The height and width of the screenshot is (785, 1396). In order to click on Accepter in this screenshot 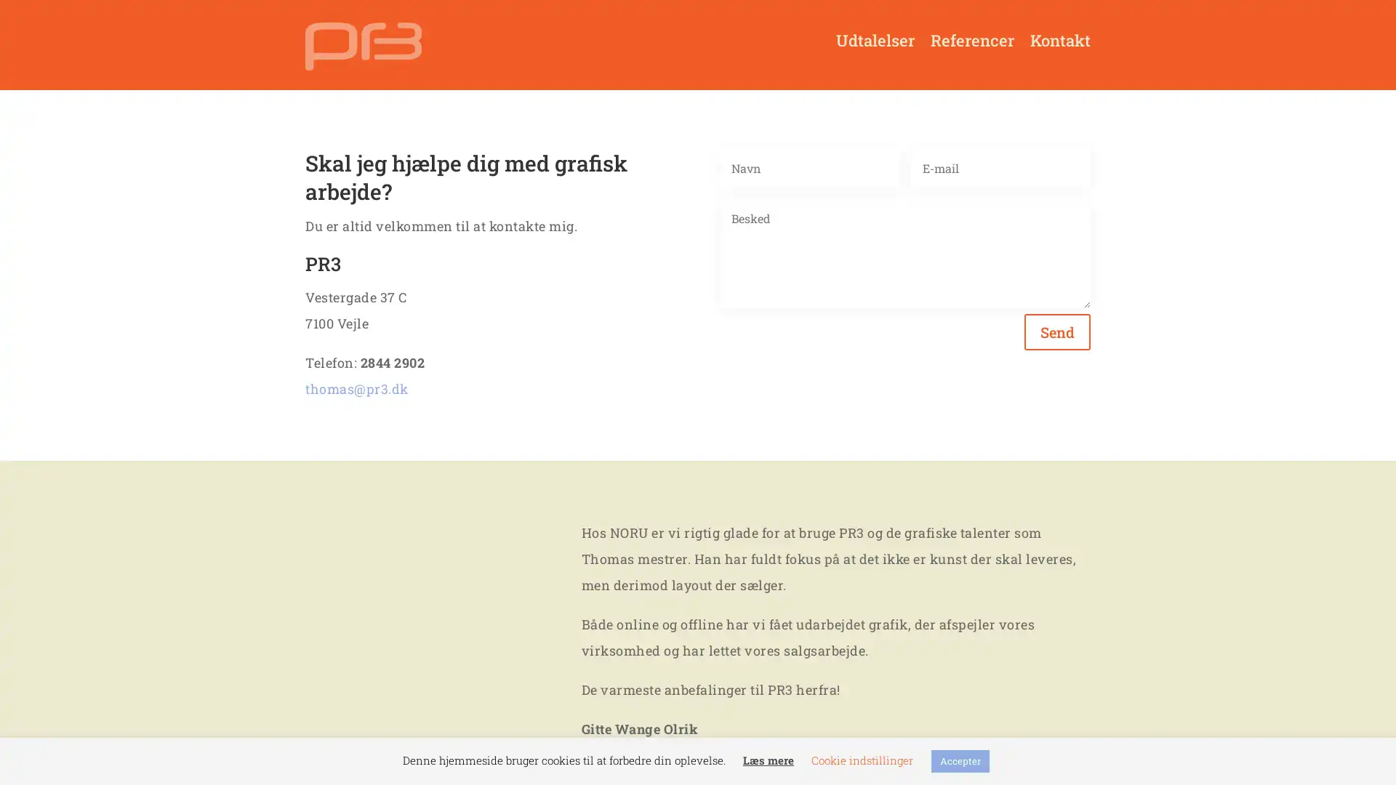, I will do `click(960, 760)`.